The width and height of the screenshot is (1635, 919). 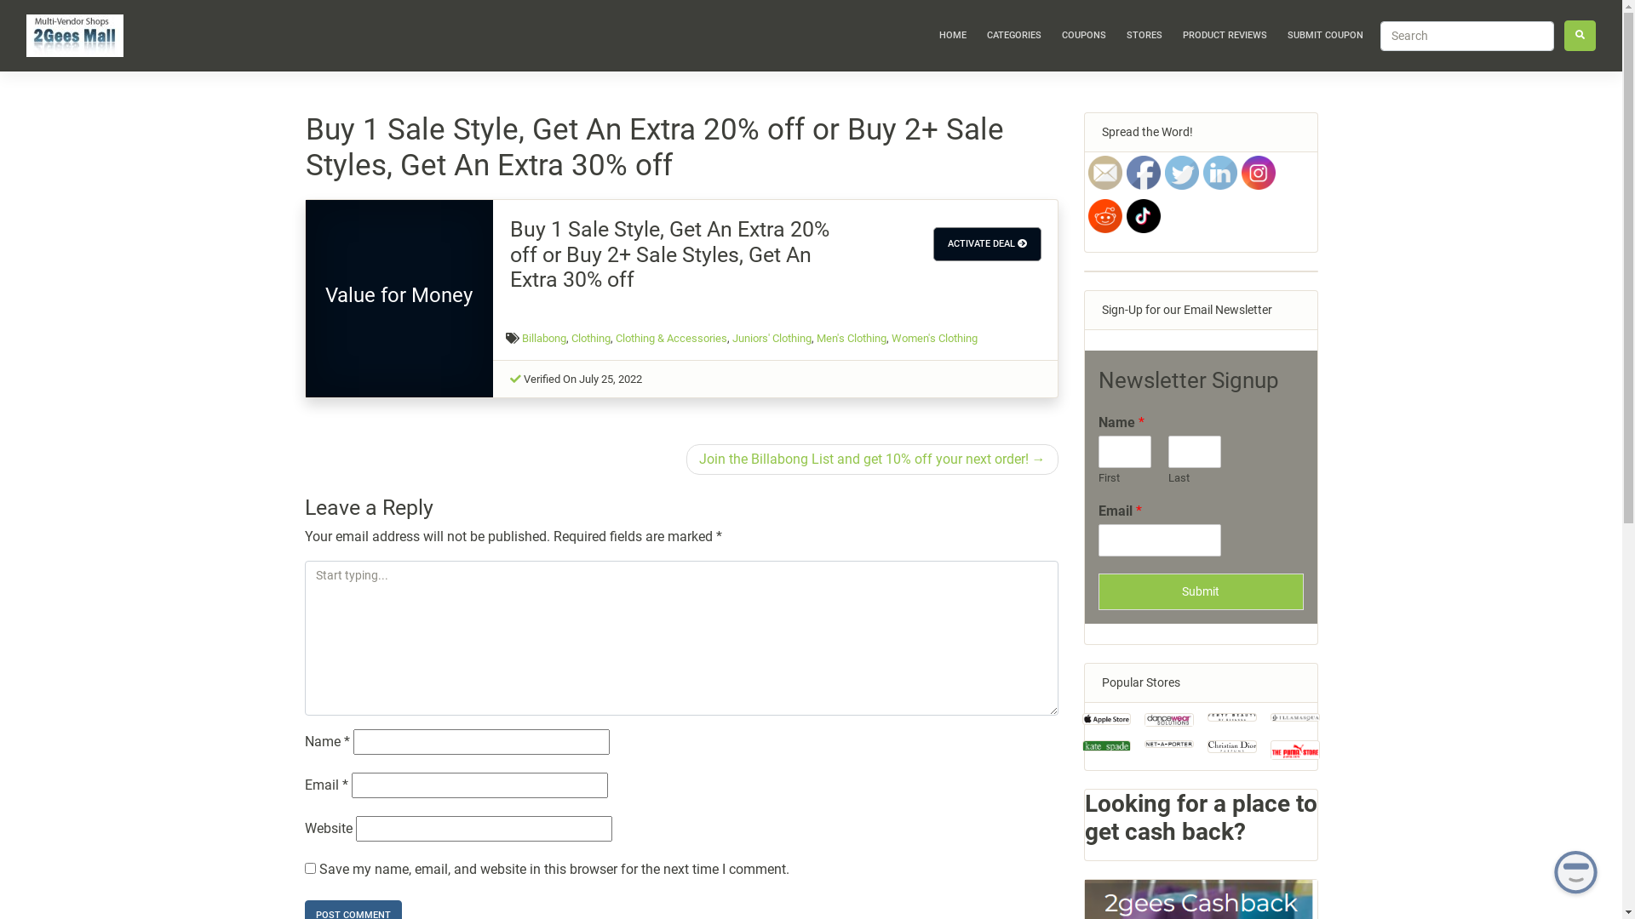 I want to click on 'COUPONS', so click(x=1082, y=36).